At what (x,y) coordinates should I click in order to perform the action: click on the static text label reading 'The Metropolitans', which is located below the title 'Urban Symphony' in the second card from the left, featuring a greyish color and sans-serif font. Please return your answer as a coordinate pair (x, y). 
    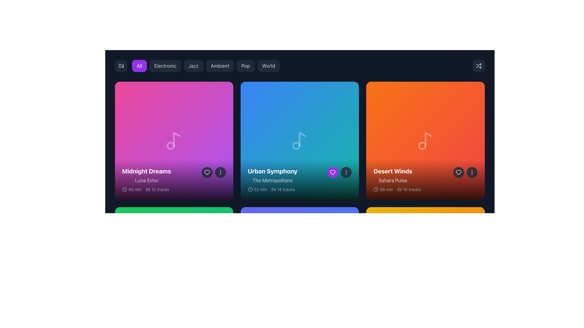
    Looking at the image, I should click on (272, 180).